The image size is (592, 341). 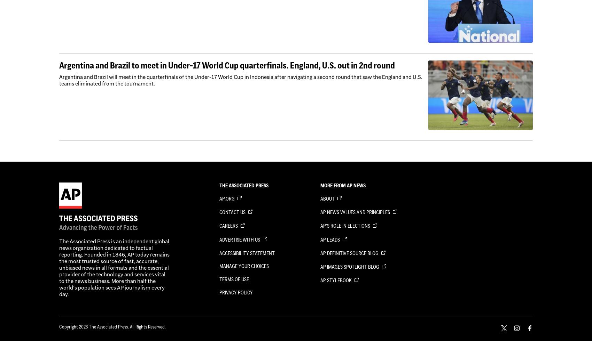 I want to click on 'Copyright 2023 The Associated Press. All Rights Reserved.', so click(x=59, y=326).